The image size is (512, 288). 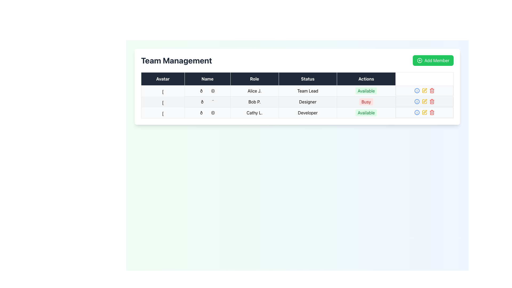 I want to click on the 'Available' label with a rounded green background and green text in the last row of the table under 'Actions' for the entry 'Cathy L.', so click(x=366, y=113).